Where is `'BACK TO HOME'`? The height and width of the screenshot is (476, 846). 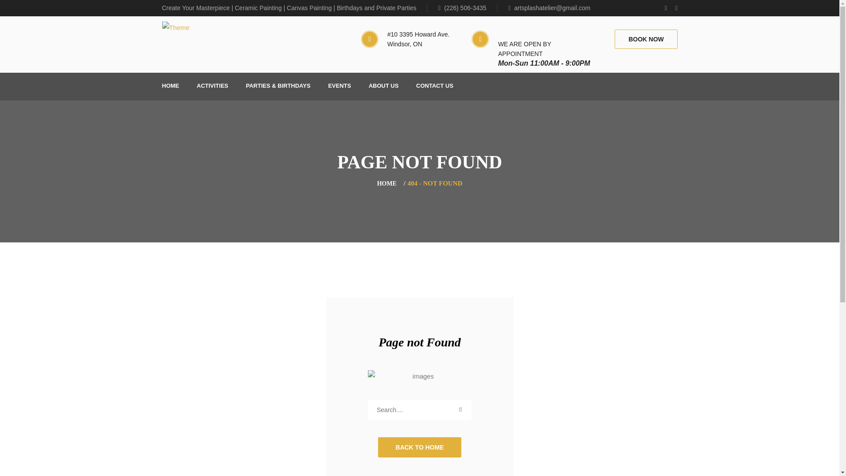 'BACK TO HOME' is located at coordinates (378, 447).